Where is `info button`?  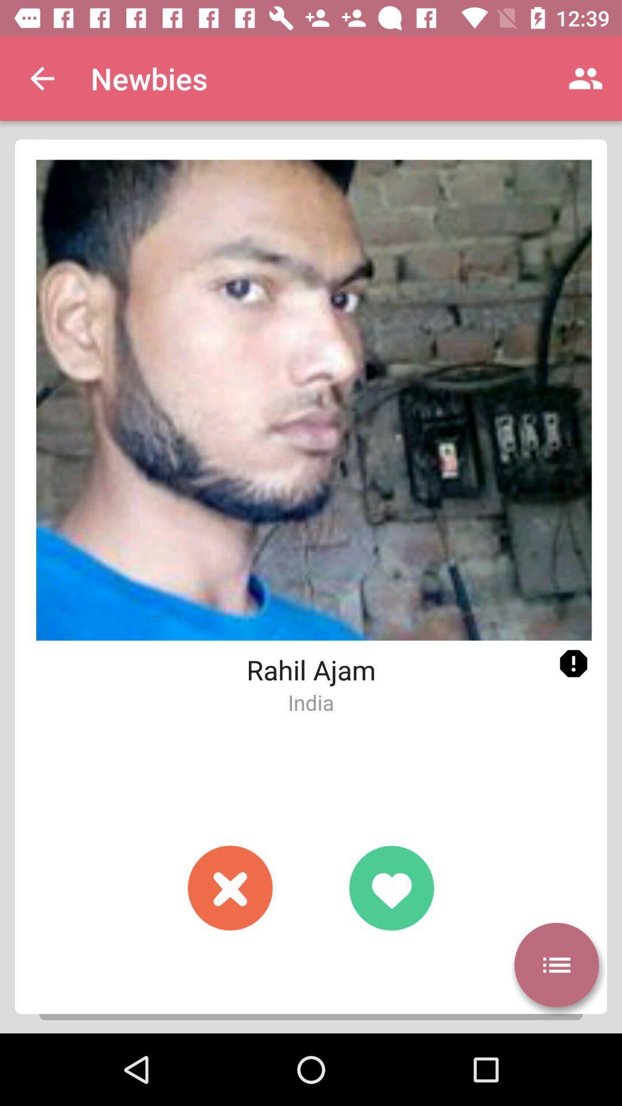
info button is located at coordinates (573, 664).